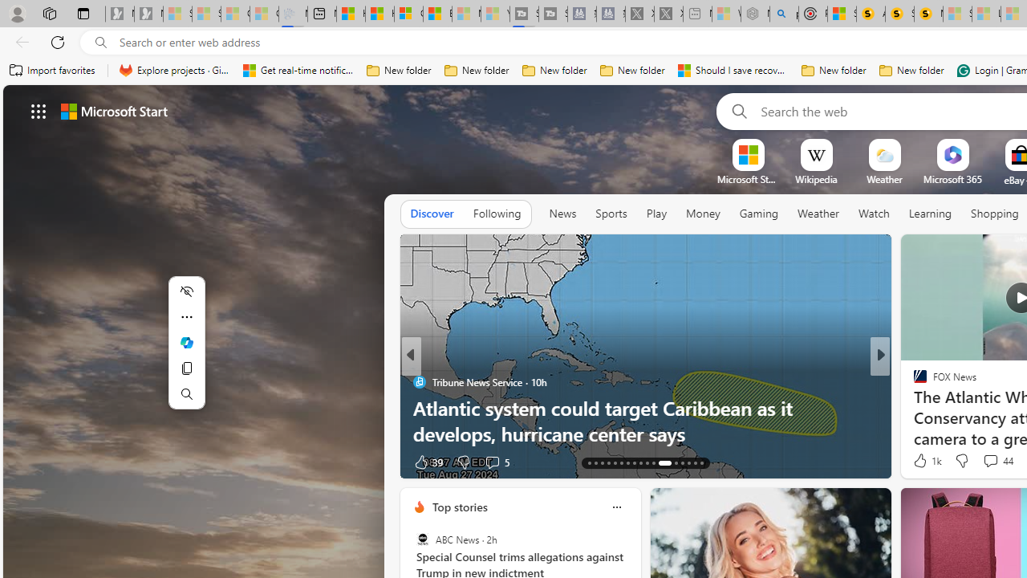 The image size is (1027, 578). What do you see at coordinates (732, 70) in the screenshot?
I see `'Should I save recovered Word documents? - Microsoft Support'` at bounding box center [732, 70].